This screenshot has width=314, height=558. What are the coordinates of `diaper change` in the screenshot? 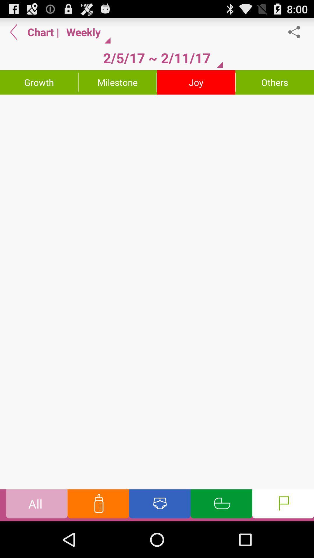 It's located at (160, 505).